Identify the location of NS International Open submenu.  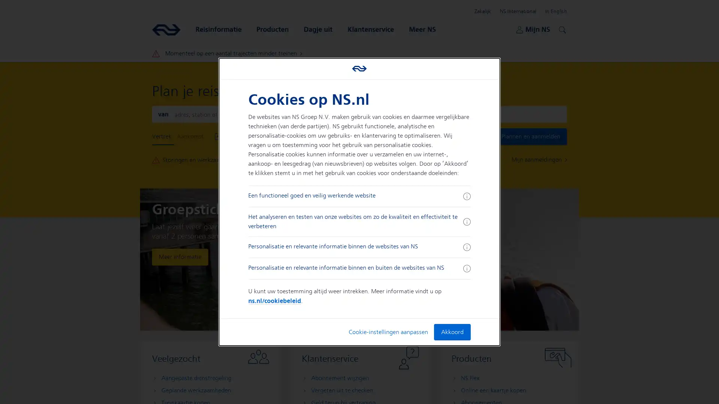
(518, 11).